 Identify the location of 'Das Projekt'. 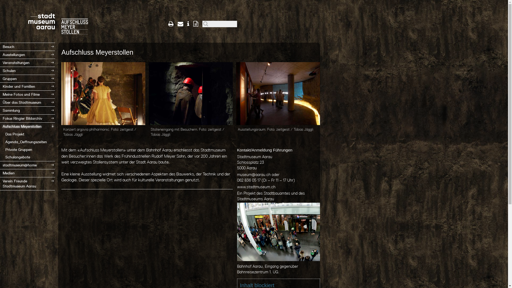
(27, 134).